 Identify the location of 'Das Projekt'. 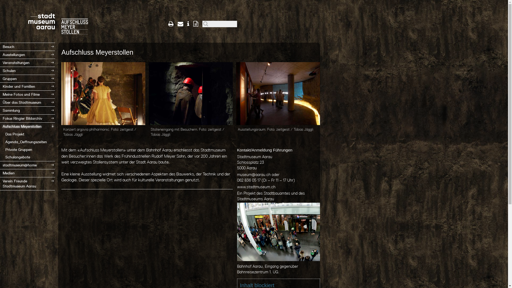
(27, 134).